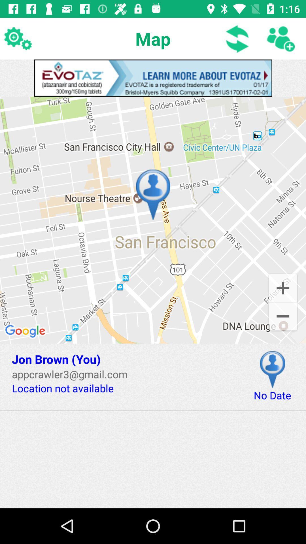 The image size is (306, 544). What do you see at coordinates (237, 38) in the screenshot?
I see `refresh page` at bounding box center [237, 38].